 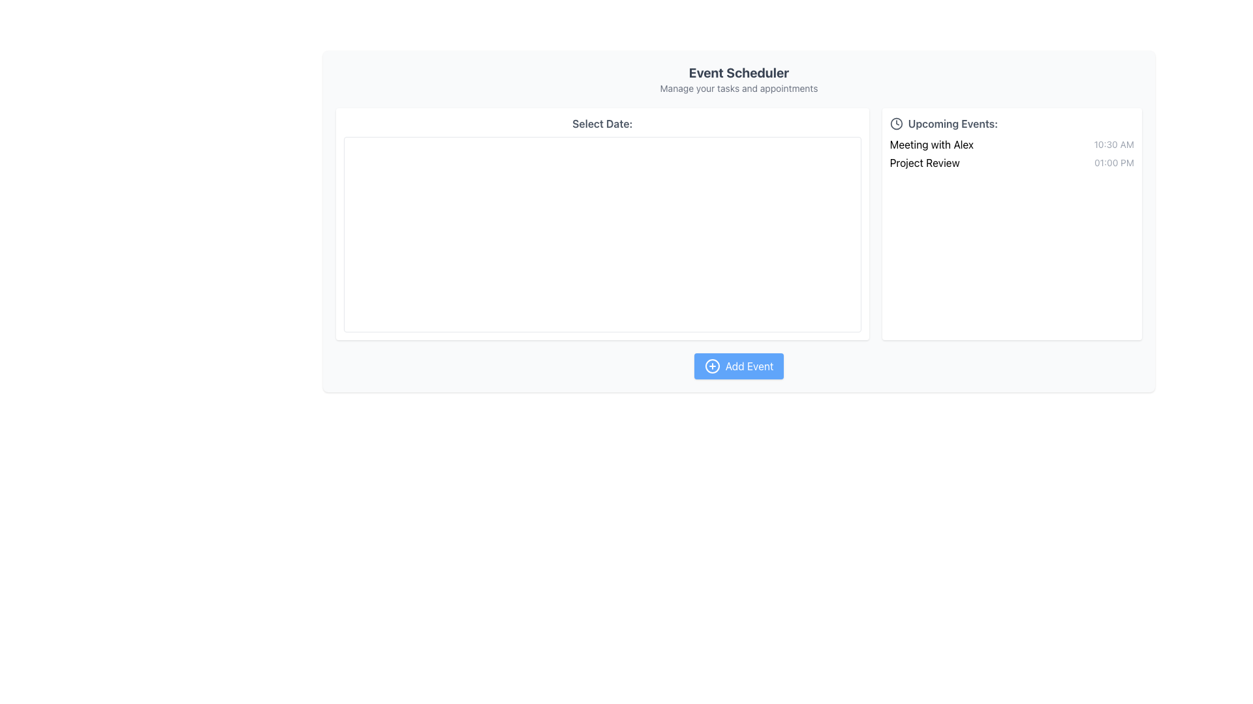 What do you see at coordinates (1011, 145) in the screenshot?
I see `information displayed in the Event item titled 'Meeting with Alex' with time '10:30 AM', which is the first item in the 'Upcoming Events' section` at bounding box center [1011, 145].